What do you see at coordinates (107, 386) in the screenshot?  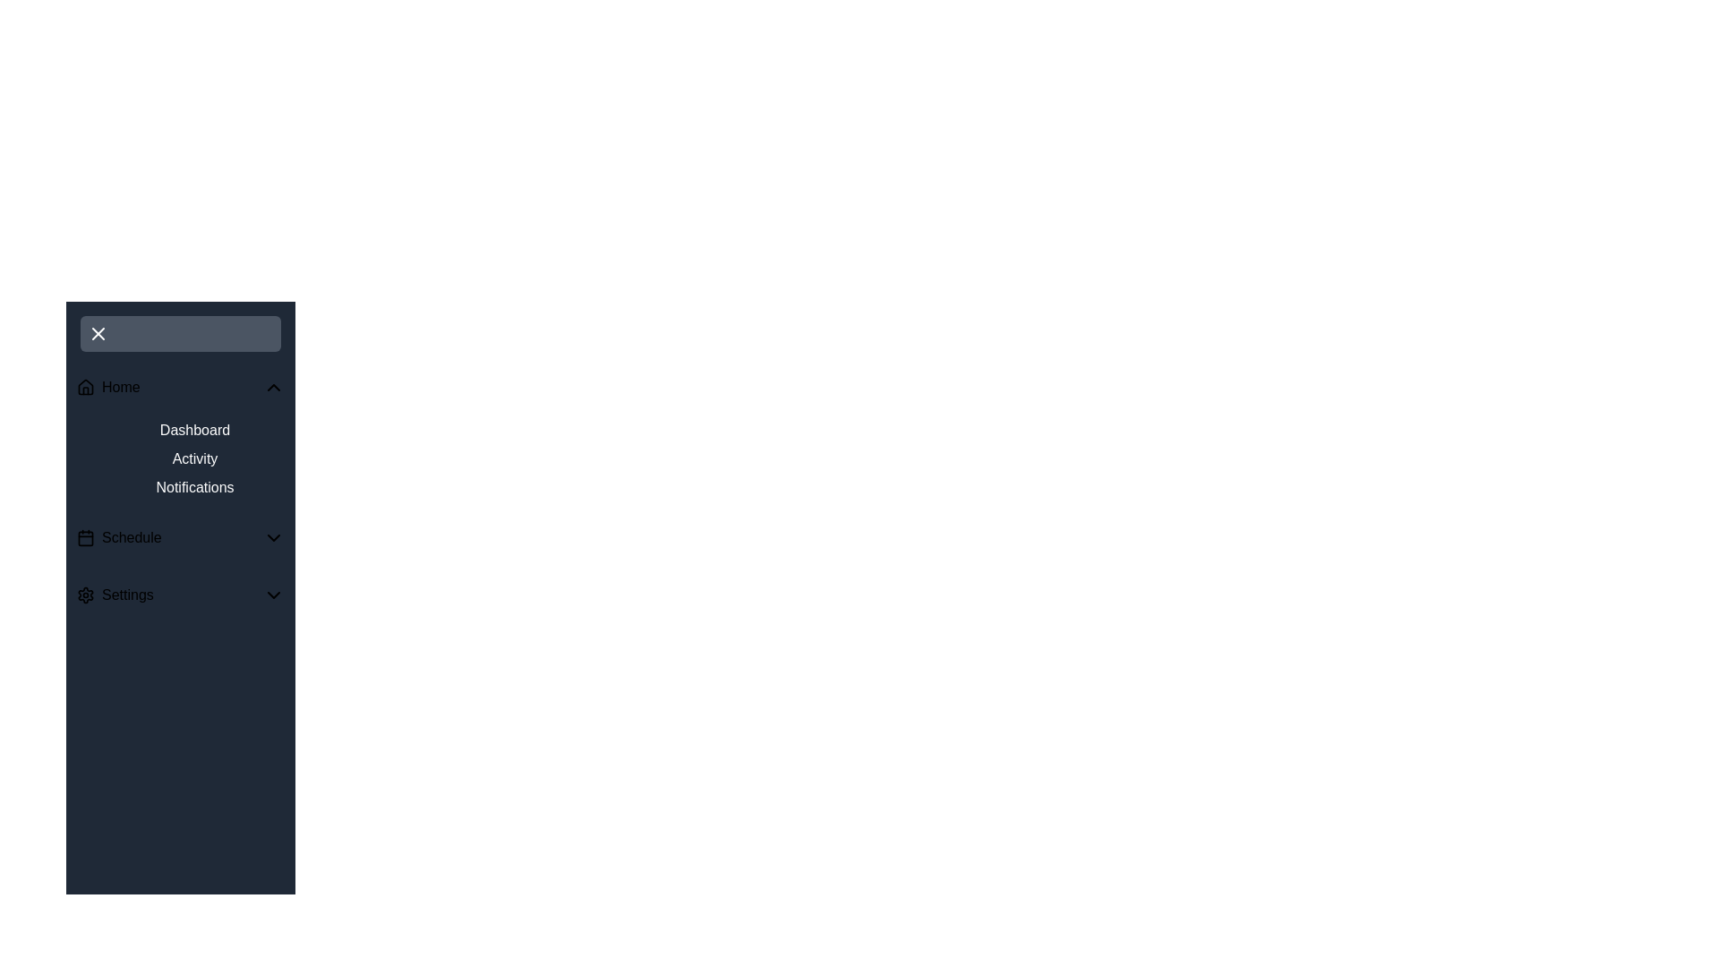 I see `the 'Home' menu item, which features a dark font text label and a minimalistic house icon, located at the top-left section of the sidebar menu` at bounding box center [107, 386].